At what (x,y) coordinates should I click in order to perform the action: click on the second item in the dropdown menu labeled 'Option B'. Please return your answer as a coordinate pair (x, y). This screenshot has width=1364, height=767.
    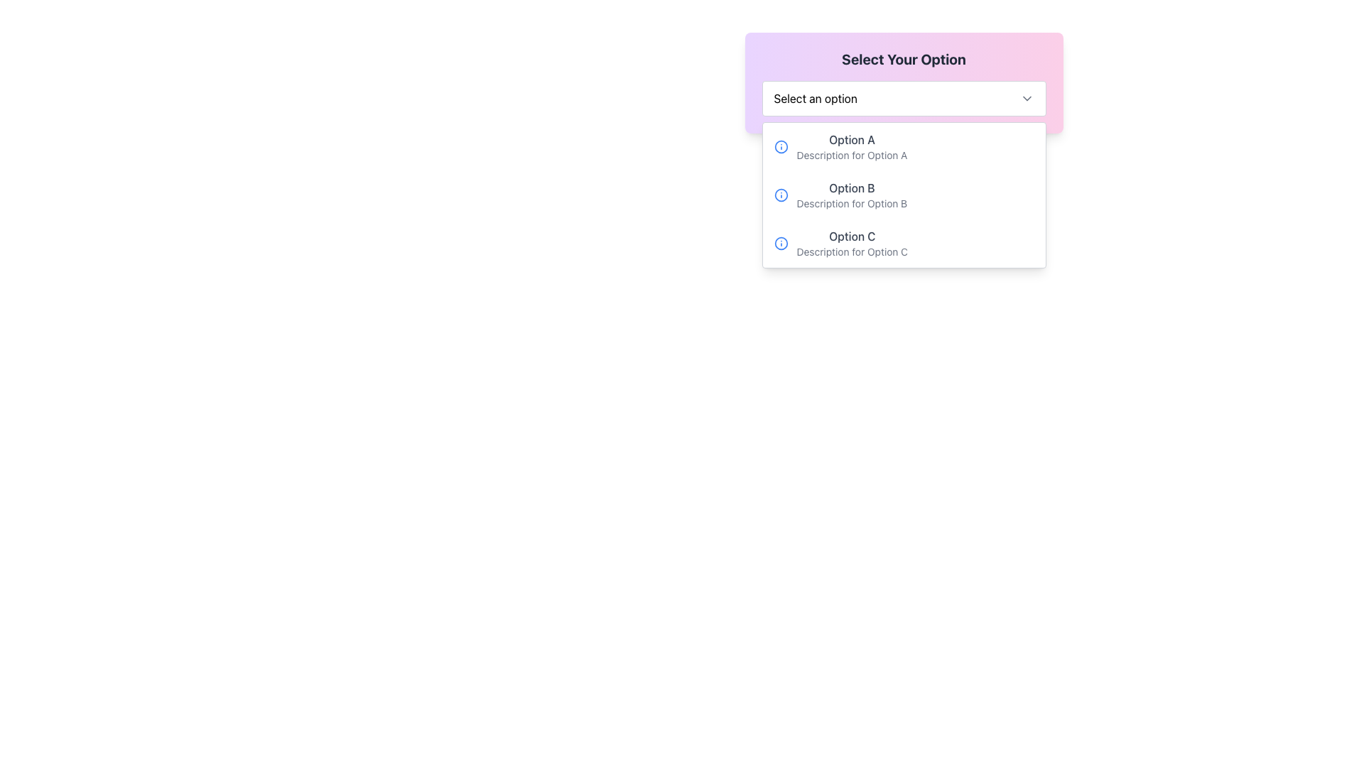
    Looking at the image, I should click on (903, 195).